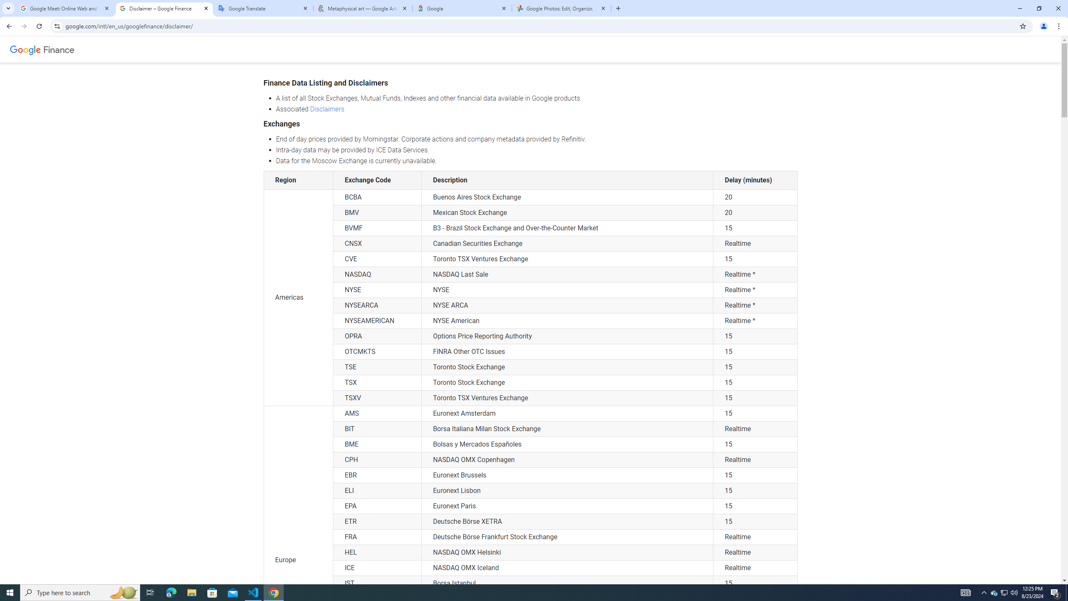 This screenshot has width=1068, height=601. Describe the element at coordinates (377, 567) in the screenshot. I see `'ICE'` at that location.